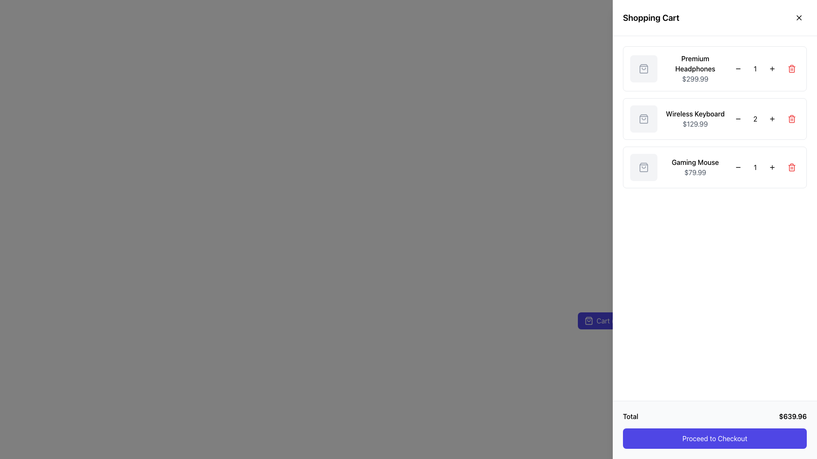 Image resolution: width=817 pixels, height=459 pixels. I want to click on the icon button located to the right of the number '1' indicating the current quantity of the 'Gaming Mouse' product in the shopping cart to increase the quantity, so click(772, 167).